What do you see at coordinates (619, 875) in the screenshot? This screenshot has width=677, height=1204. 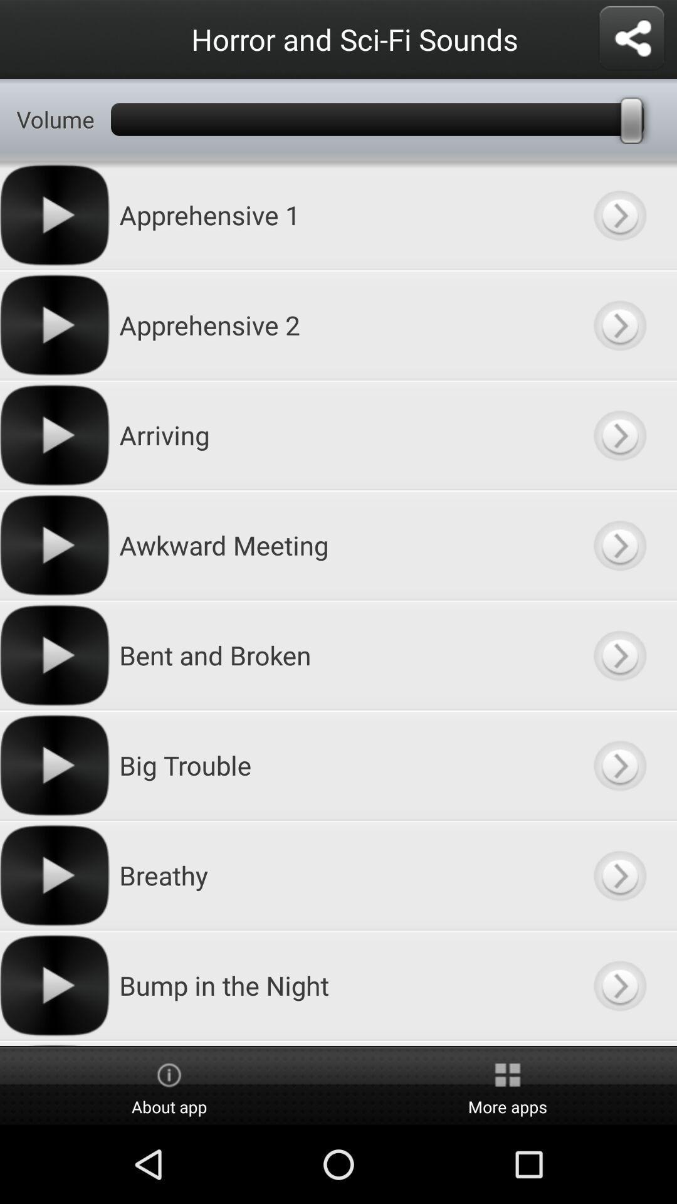 I see `more information` at bounding box center [619, 875].